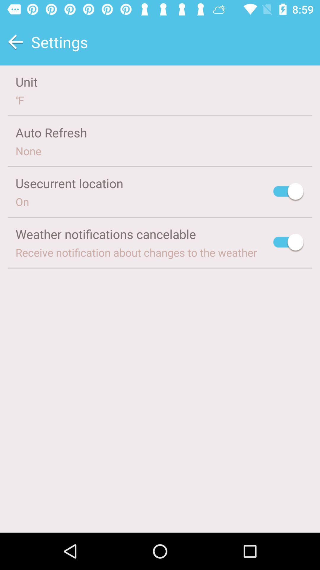  I want to click on location option, so click(289, 192).